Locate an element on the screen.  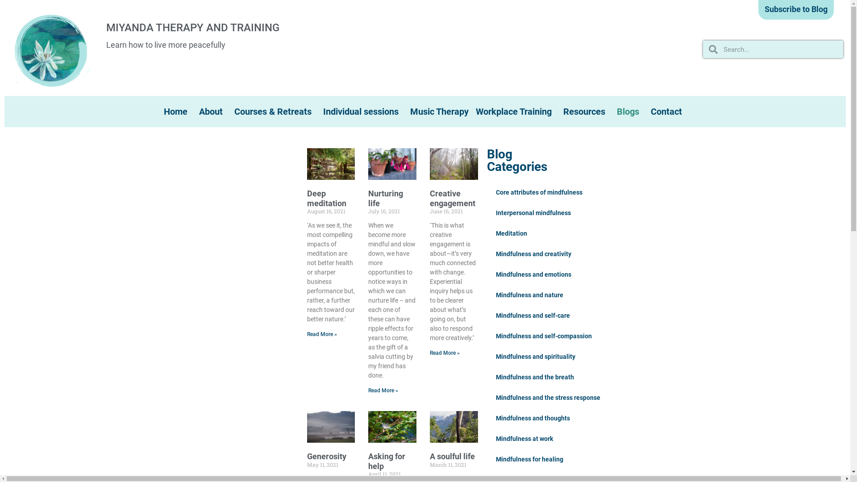
'Mindfulness and nature' is located at coordinates (529, 295).